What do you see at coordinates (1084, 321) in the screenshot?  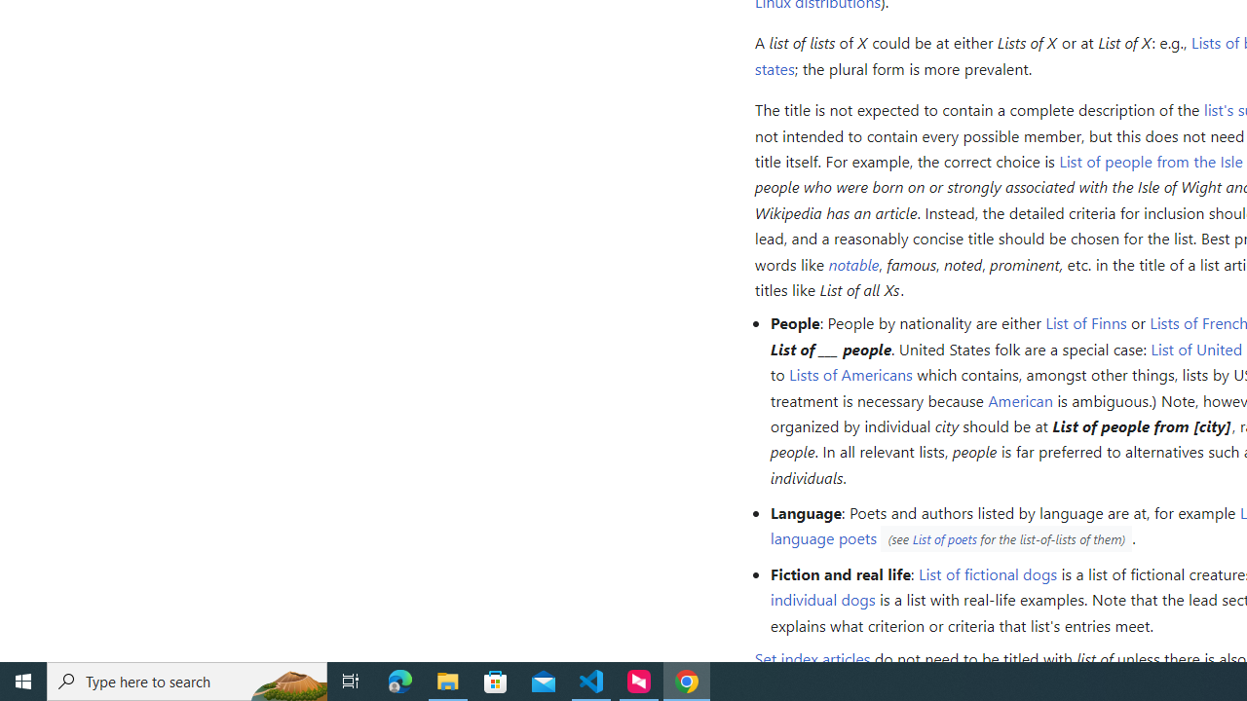 I see `'List of Finns'` at bounding box center [1084, 321].